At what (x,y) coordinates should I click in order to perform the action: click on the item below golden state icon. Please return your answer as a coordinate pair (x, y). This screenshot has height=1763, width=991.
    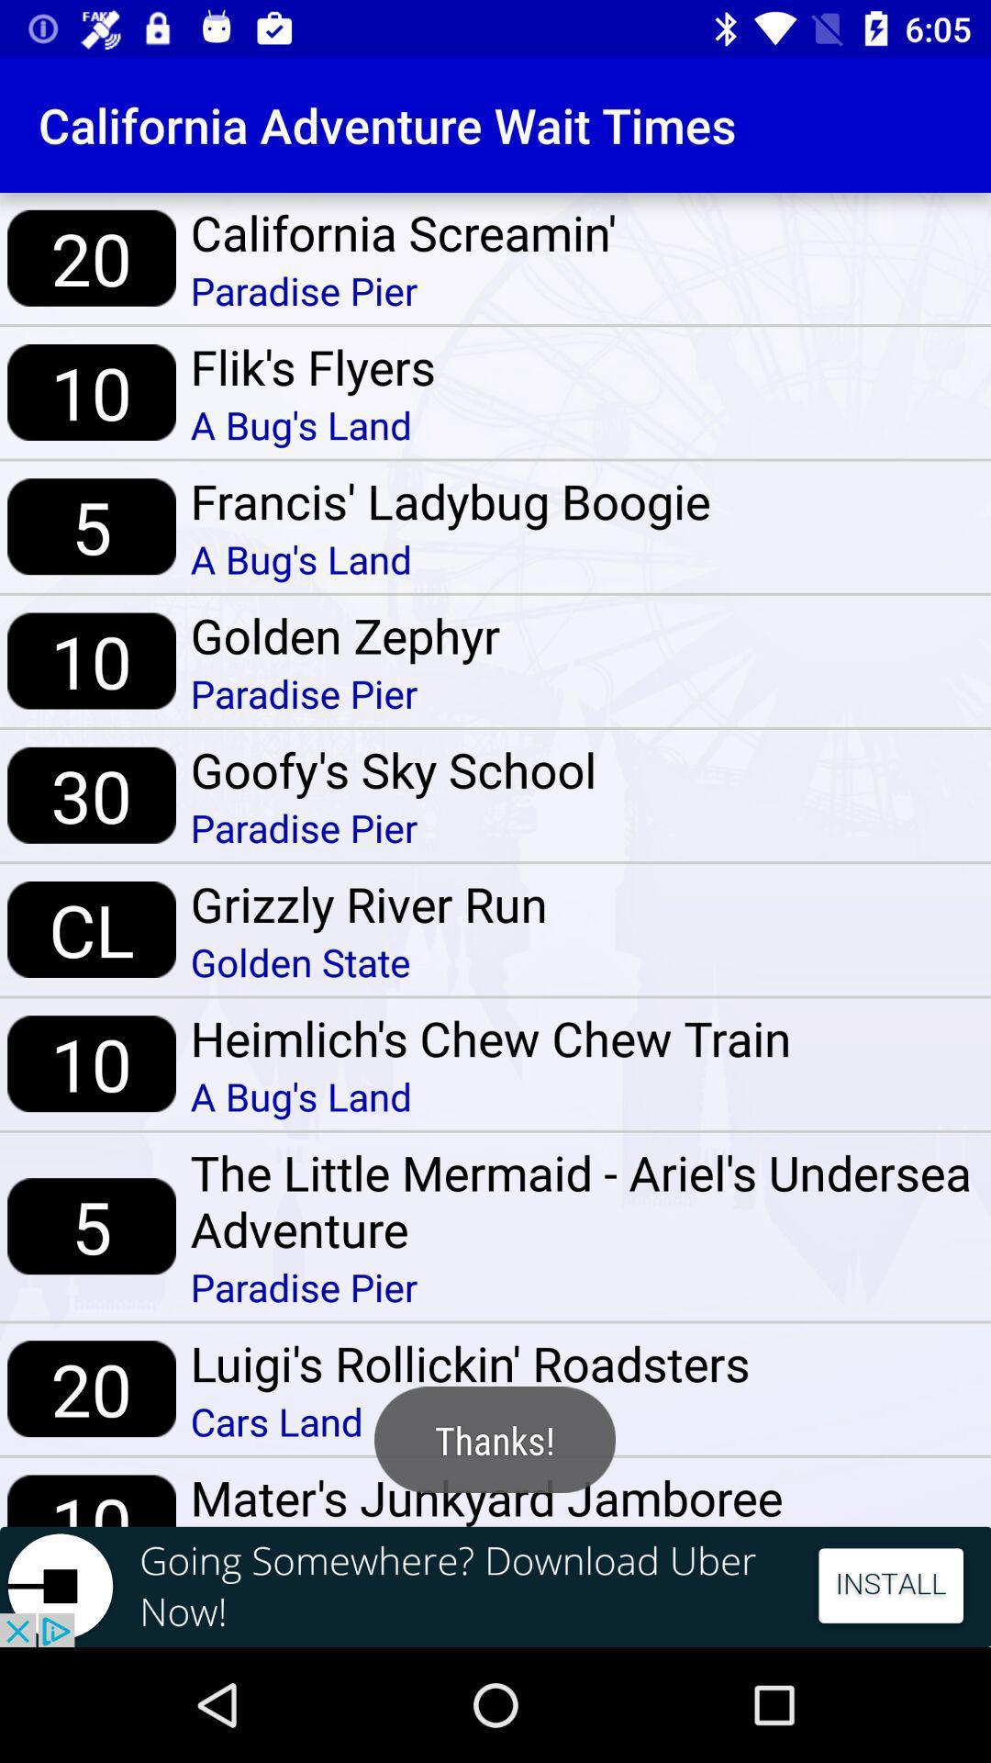
    Looking at the image, I should click on (490, 1038).